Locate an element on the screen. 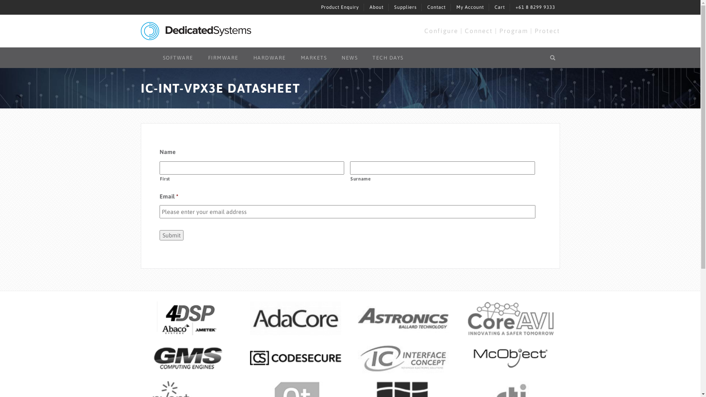 The width and height of the screenshot is (706, 397). 'NEWS' is located at coordinates (349, 57).